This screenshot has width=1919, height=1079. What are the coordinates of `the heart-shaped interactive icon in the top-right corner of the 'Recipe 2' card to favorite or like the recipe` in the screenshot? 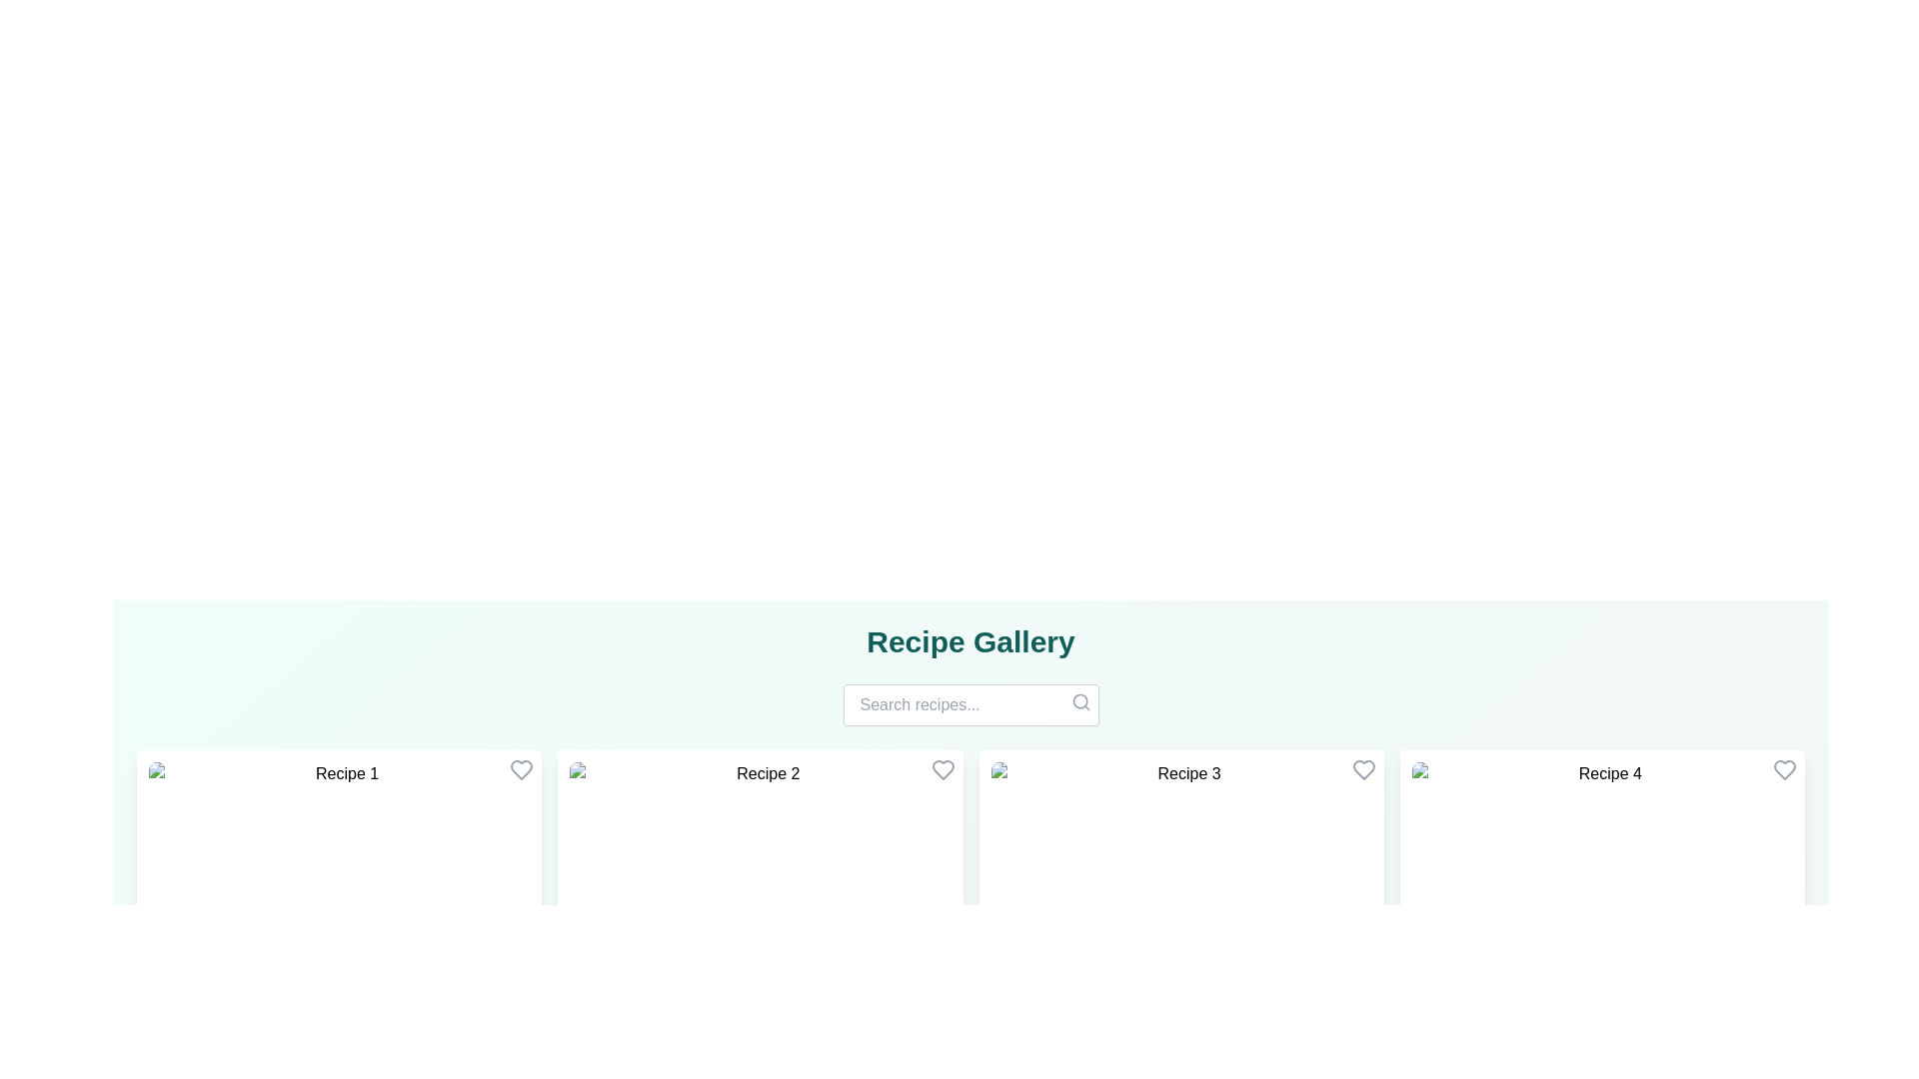 It's located at (942, 769).